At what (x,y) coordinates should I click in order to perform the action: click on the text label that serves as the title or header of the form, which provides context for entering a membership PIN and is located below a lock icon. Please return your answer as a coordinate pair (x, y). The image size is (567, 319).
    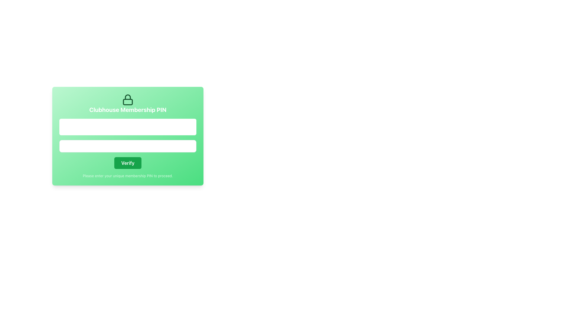
    Looking at the image, I should click on (127, 110).